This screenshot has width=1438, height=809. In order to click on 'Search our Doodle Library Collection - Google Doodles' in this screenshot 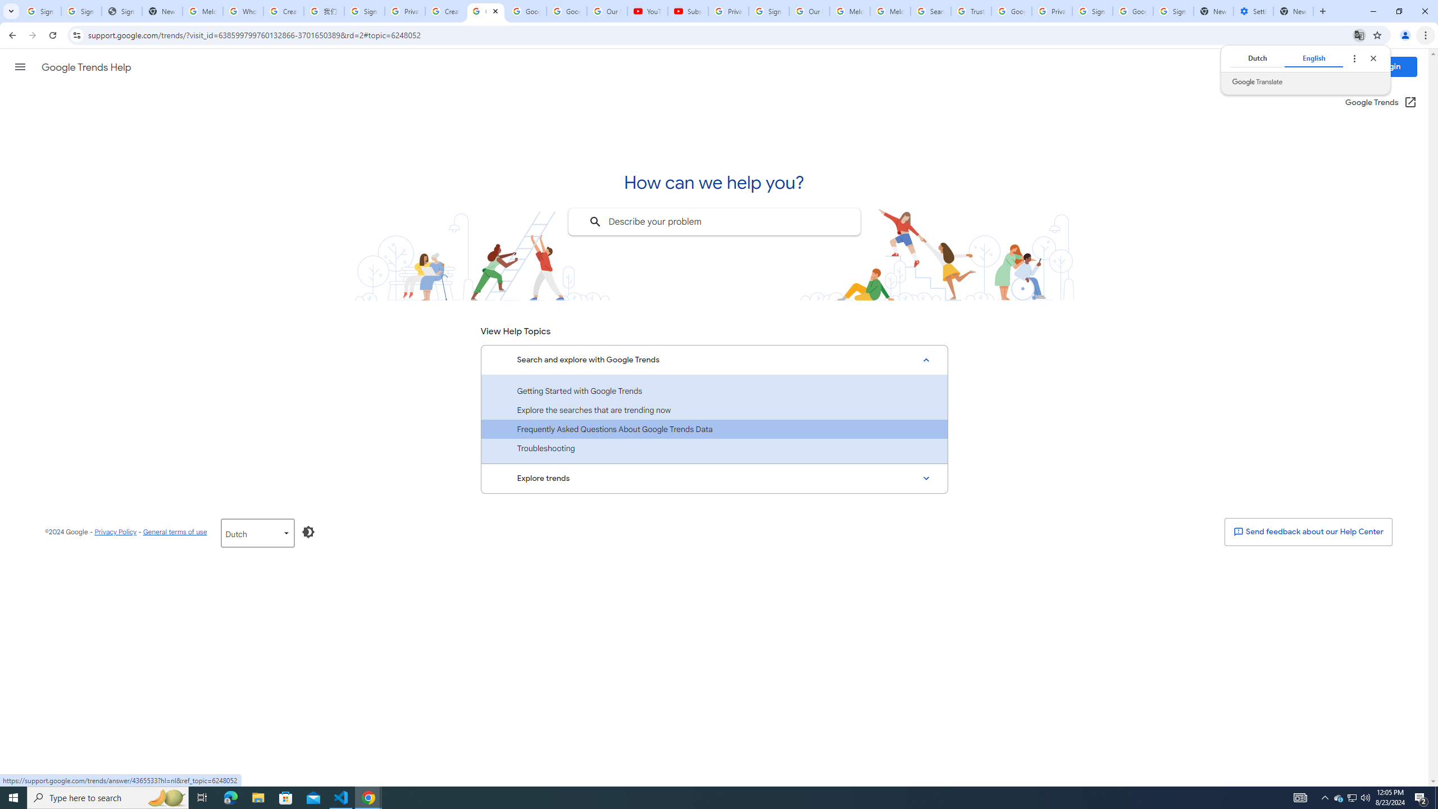, I will do `click(930, 11)`.